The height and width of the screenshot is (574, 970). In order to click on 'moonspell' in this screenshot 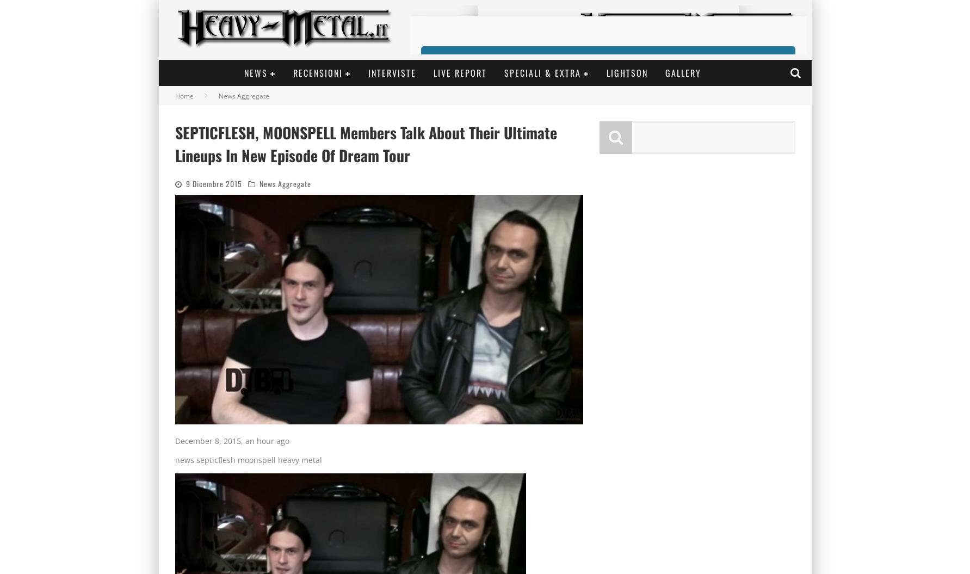, I will do `click(256, 460)`.